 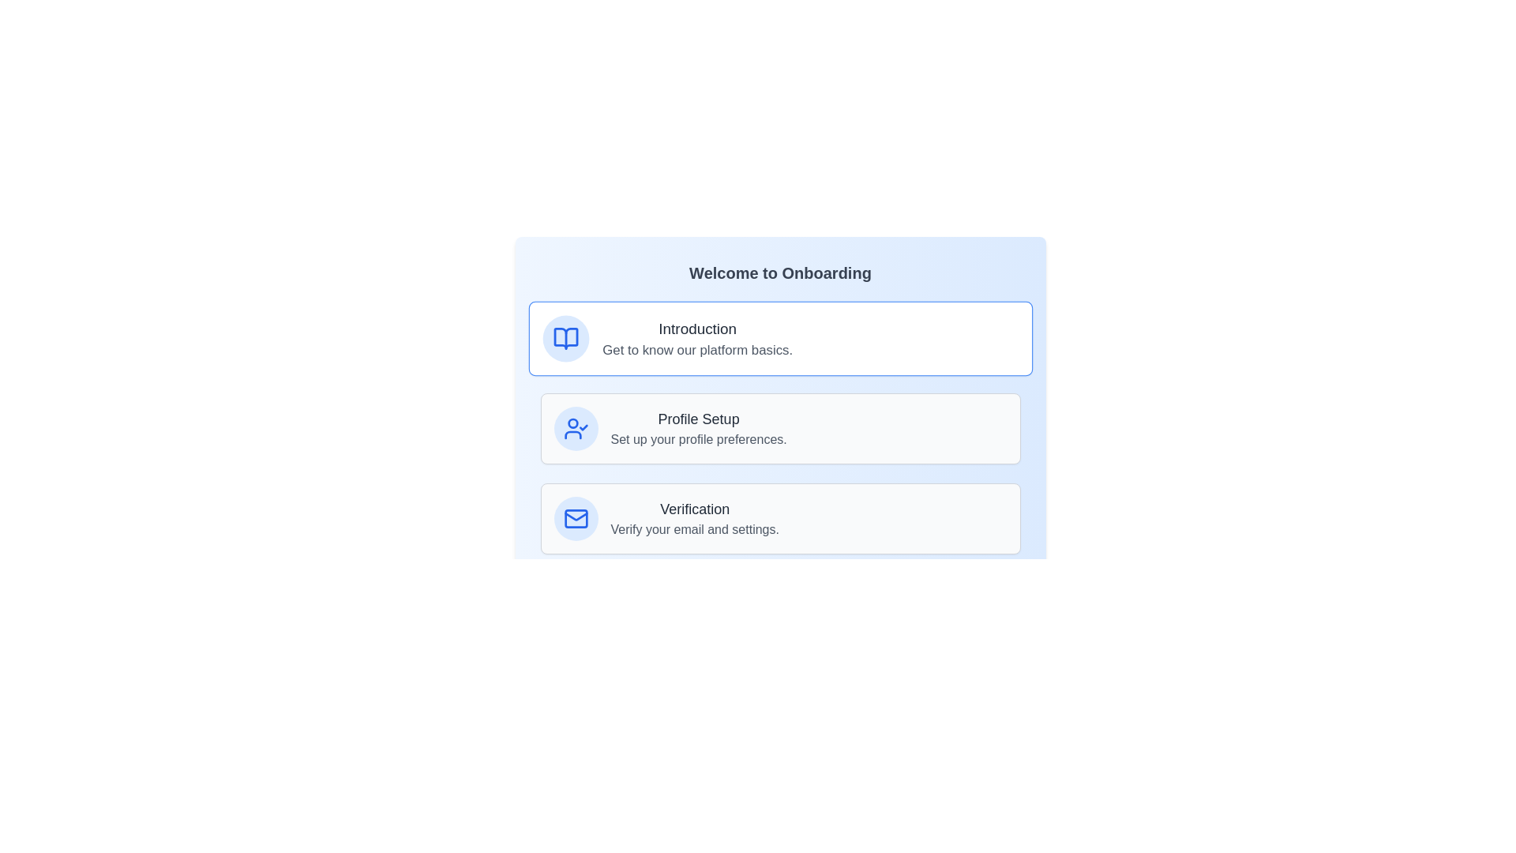 I want to click on the blue icon featuring a person with a checkmark, which represents 'user check', located in the middle section of the 'Profile Setup' area, so click(x=575, y=429).